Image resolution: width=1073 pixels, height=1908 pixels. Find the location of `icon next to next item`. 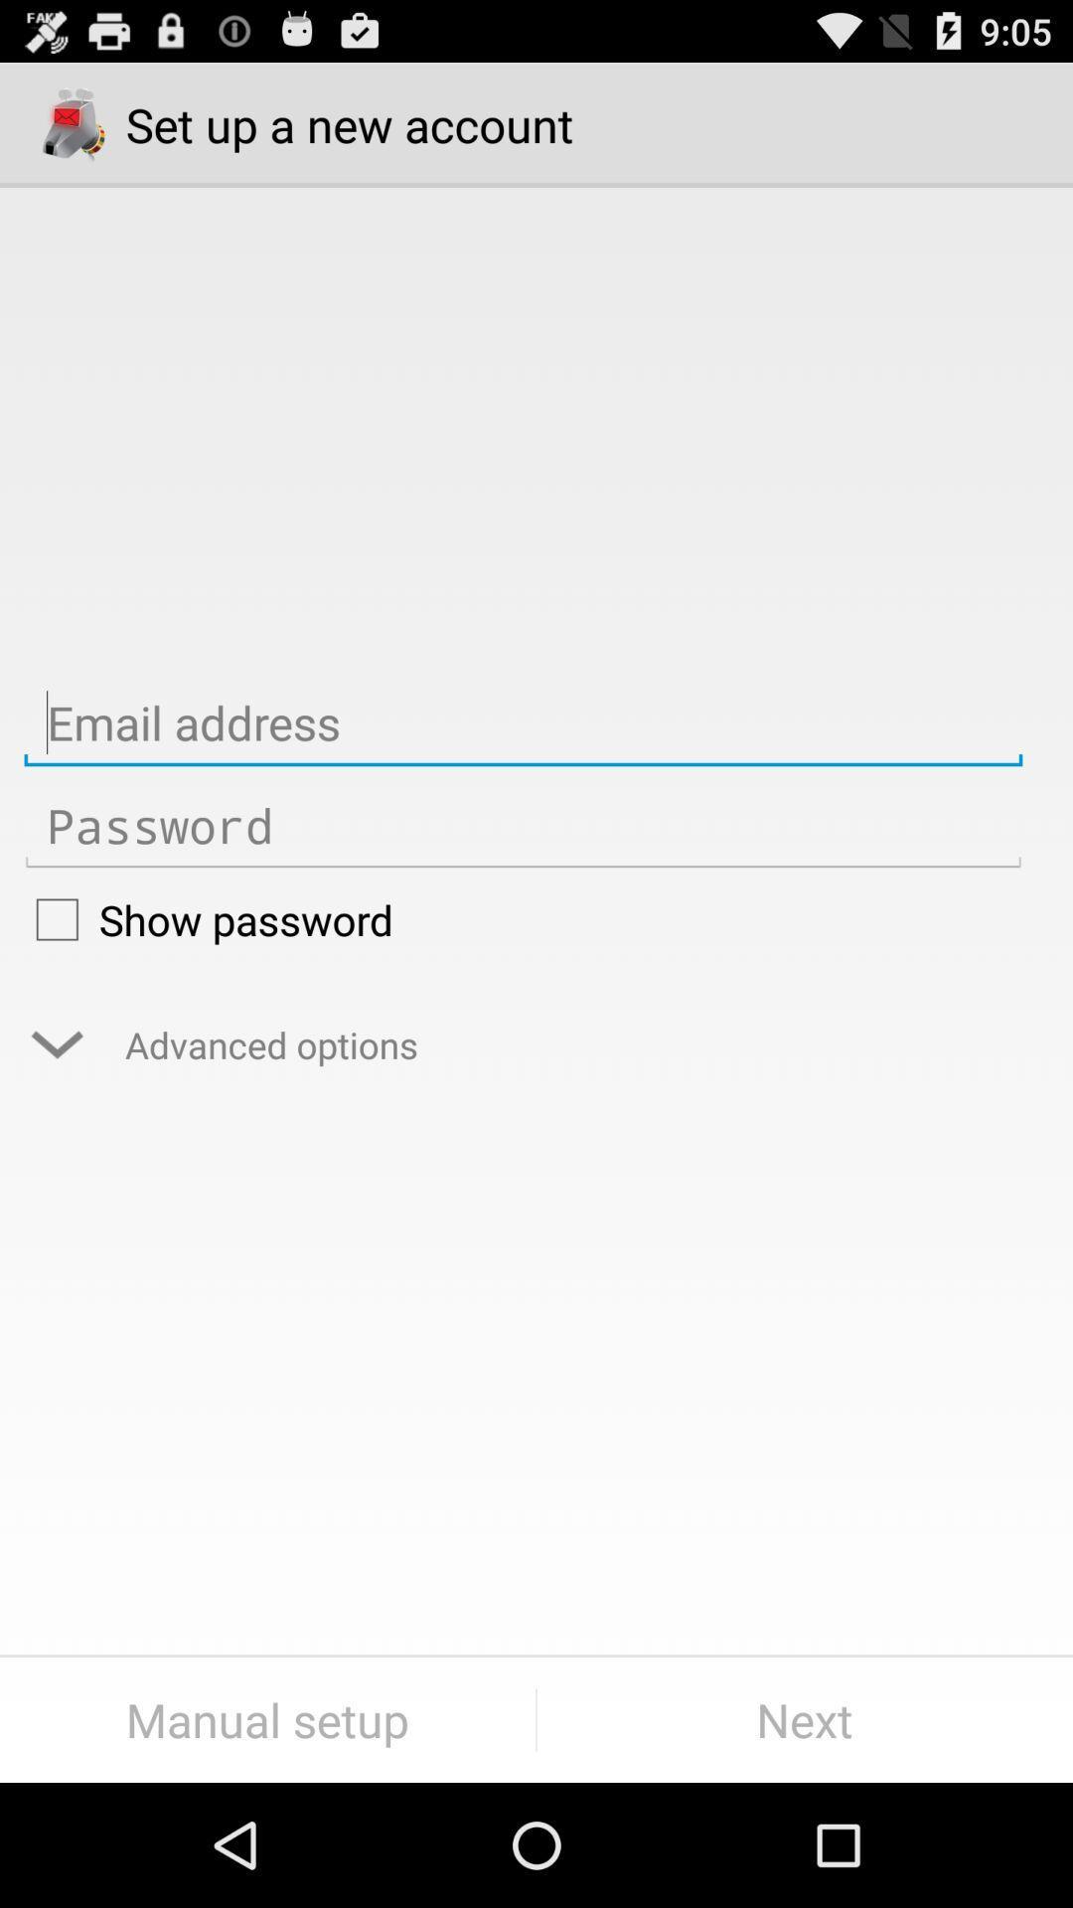

icon next to next item is located at coordinates (266, 1719).